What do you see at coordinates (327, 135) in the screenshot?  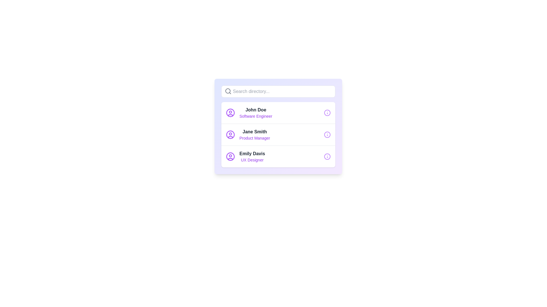 I see `the information icon for 'Jane Smith', the Product Manager` at bounding box center [327, 135].